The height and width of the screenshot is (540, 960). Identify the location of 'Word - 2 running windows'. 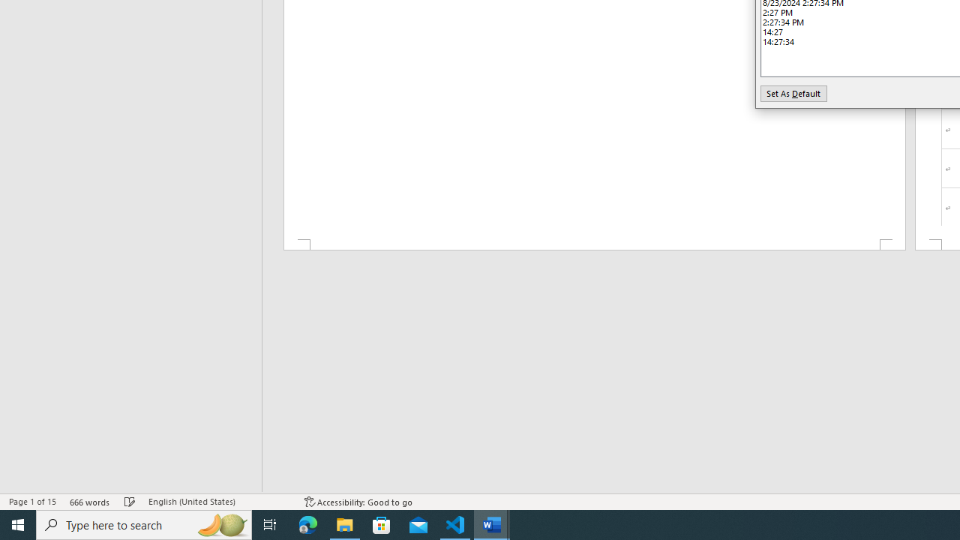
(492, 523).